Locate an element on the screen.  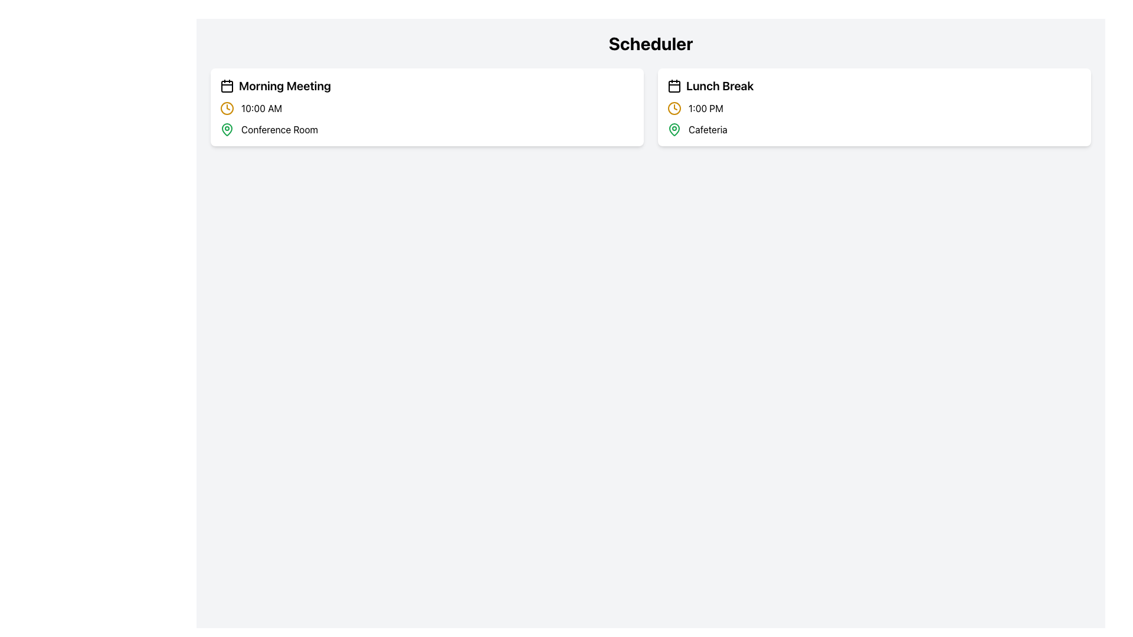
the content area of the calendar graphic component located within the calendar icon adjacent to the 'Lunch Break' text in the right-side card of the scheduler interface is located at coordinates (674, 86).